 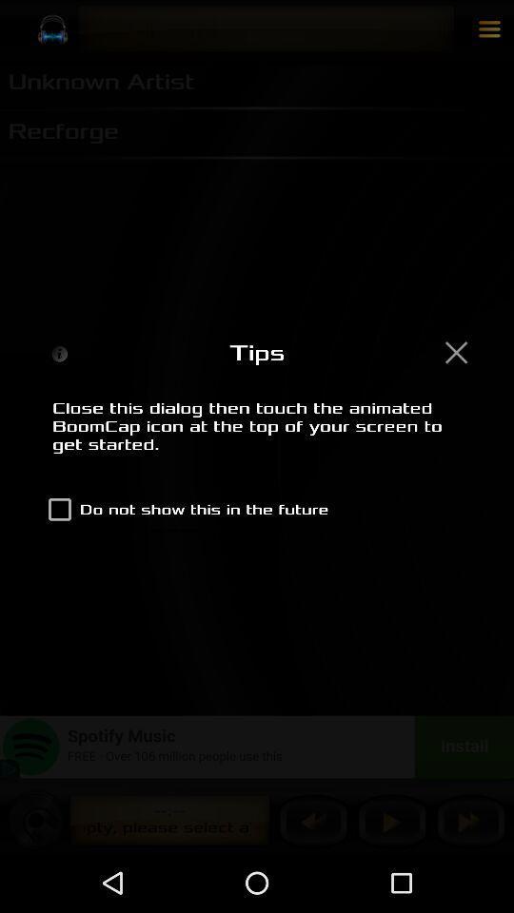 I want to click on item next to the tips item, so click(x=455, y=351).